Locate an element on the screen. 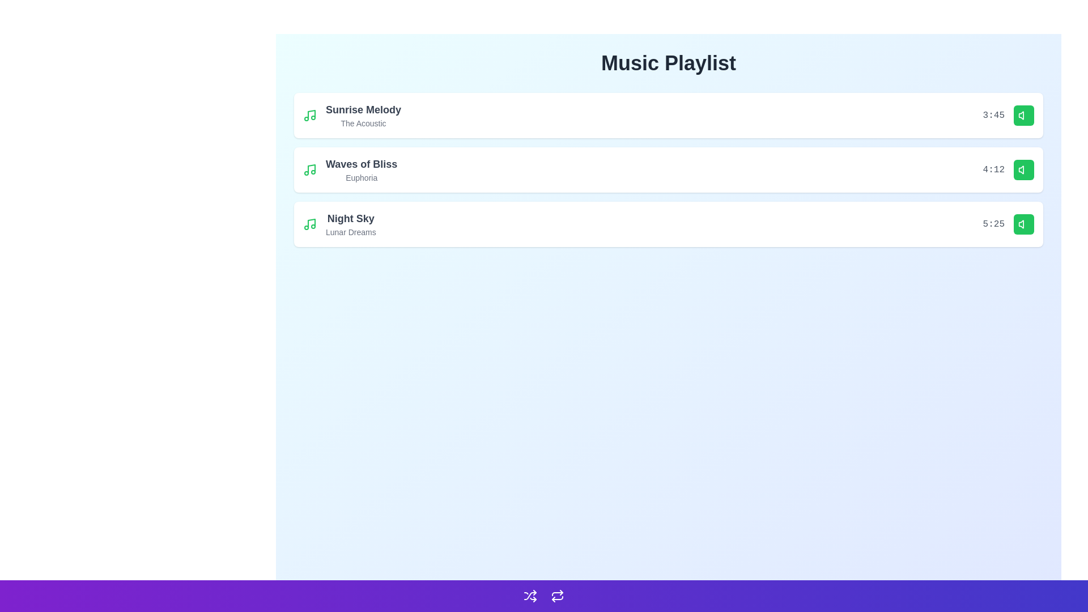 The height and width of the screenshot is (612, 1088). the green button with a white speaker icon is located at coordinates (1023, 224).